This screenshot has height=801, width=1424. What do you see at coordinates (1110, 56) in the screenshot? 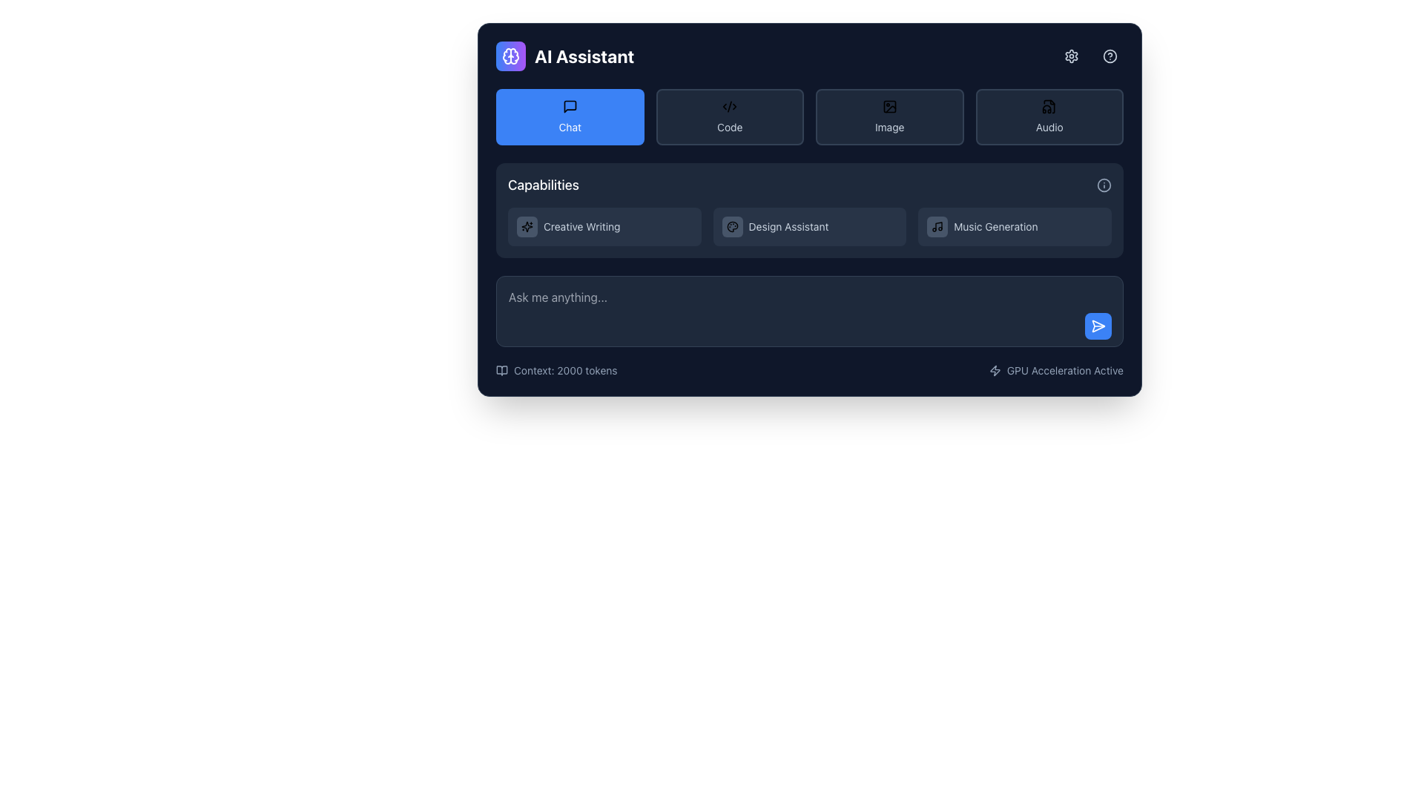
I see `the decorative circle element located in the top-right corner of the interface, which is part of an SVG graphic and serves as an icon for help or additional information` at bounding box center [1110, 56].